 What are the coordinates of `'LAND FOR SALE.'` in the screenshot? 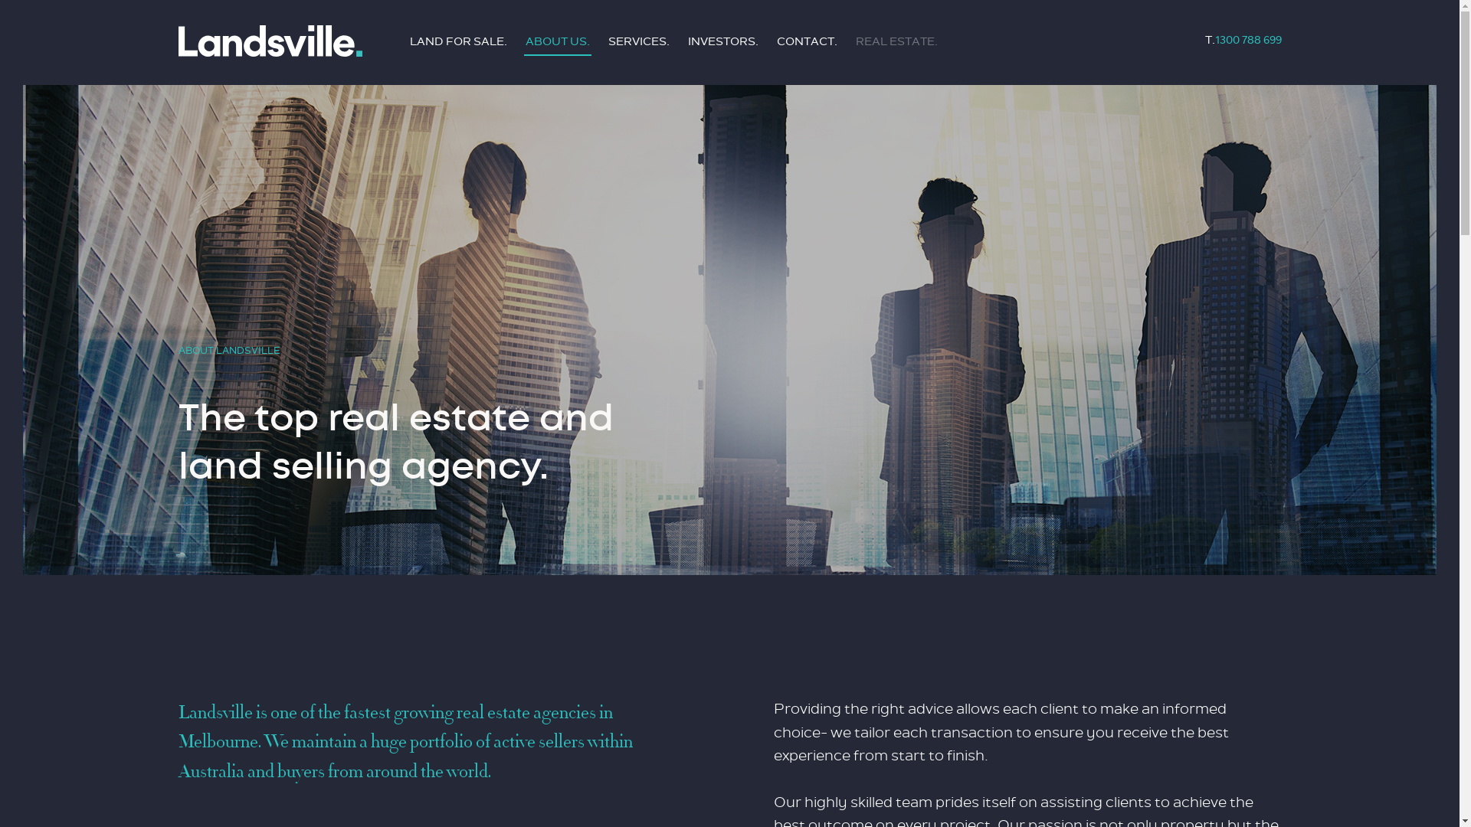 It's located at (457, 41).